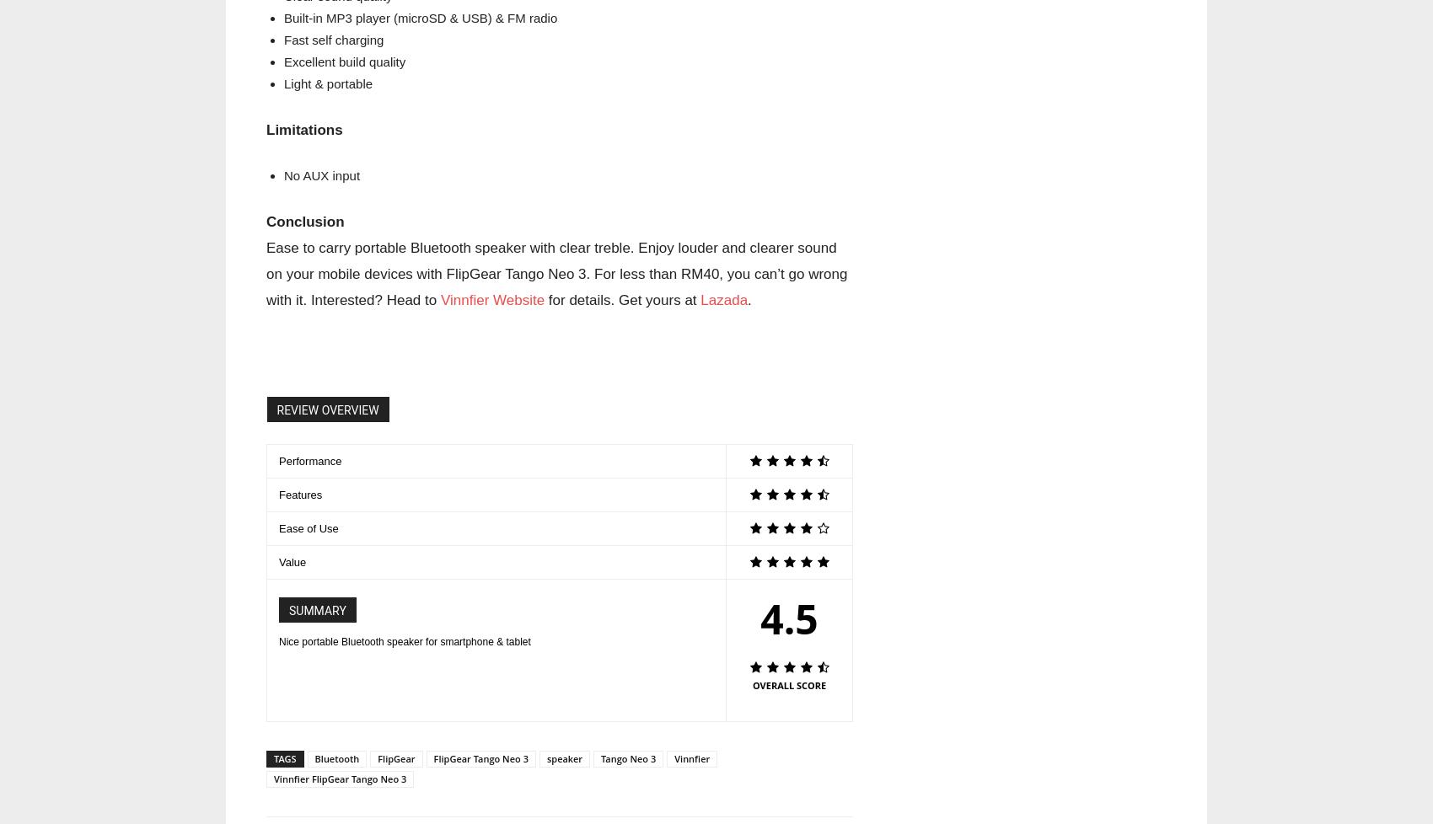 This screenshot has height=824, width=1433. Describe the element at coordinates (332, 40) in the screenshot. I see `'Fast self charging'` at that location.